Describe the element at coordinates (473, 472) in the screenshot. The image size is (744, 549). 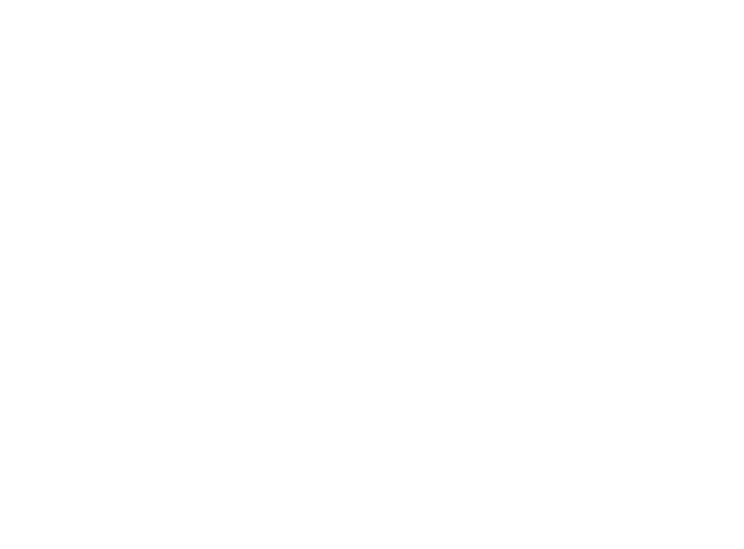
I see `'Articles are produced by staff and faculty across the university and health system to comprise a one-stop-shop for news from around Duke. Geoffrey Mock of University Communications is the editor of the 'News' edition. Leanora Minai of OCS is the editor of the 'Working@Duke' edition. We welcome your comments and suggestions!'` at that location.